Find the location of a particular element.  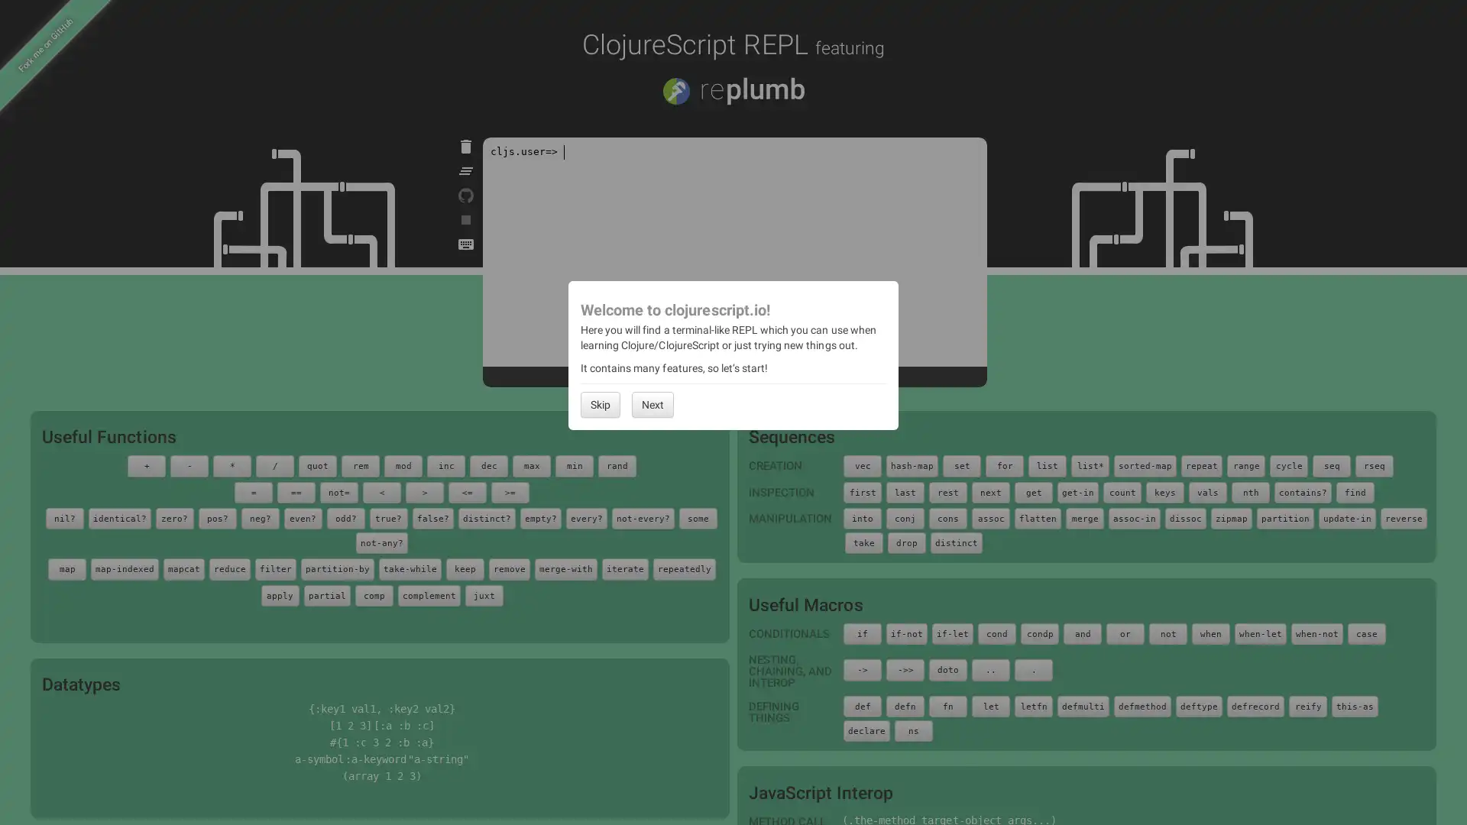

cons is located at coordinates (947, 517).